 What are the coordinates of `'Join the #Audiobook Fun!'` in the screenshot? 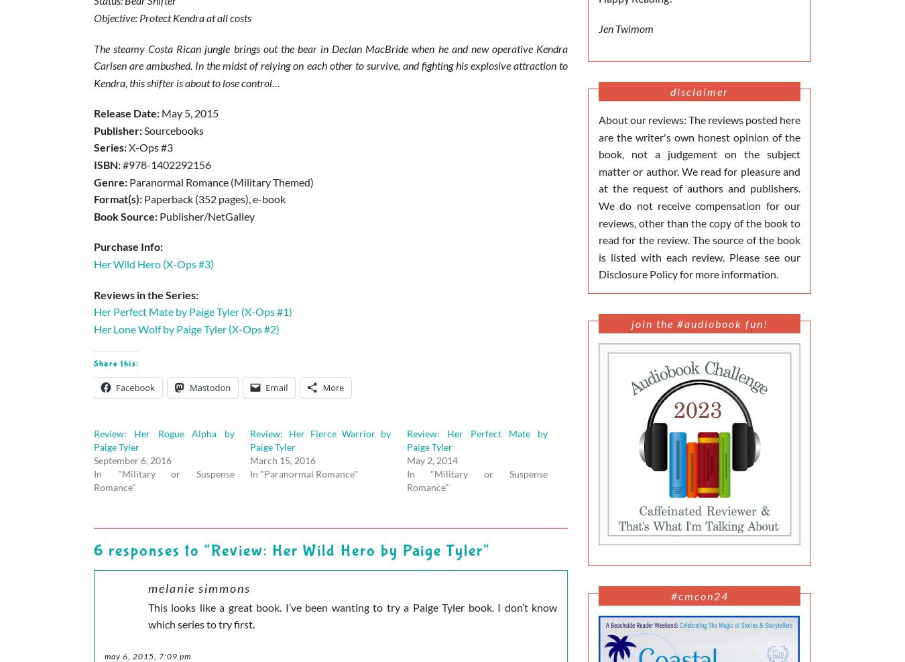 It's located at (699, 322).